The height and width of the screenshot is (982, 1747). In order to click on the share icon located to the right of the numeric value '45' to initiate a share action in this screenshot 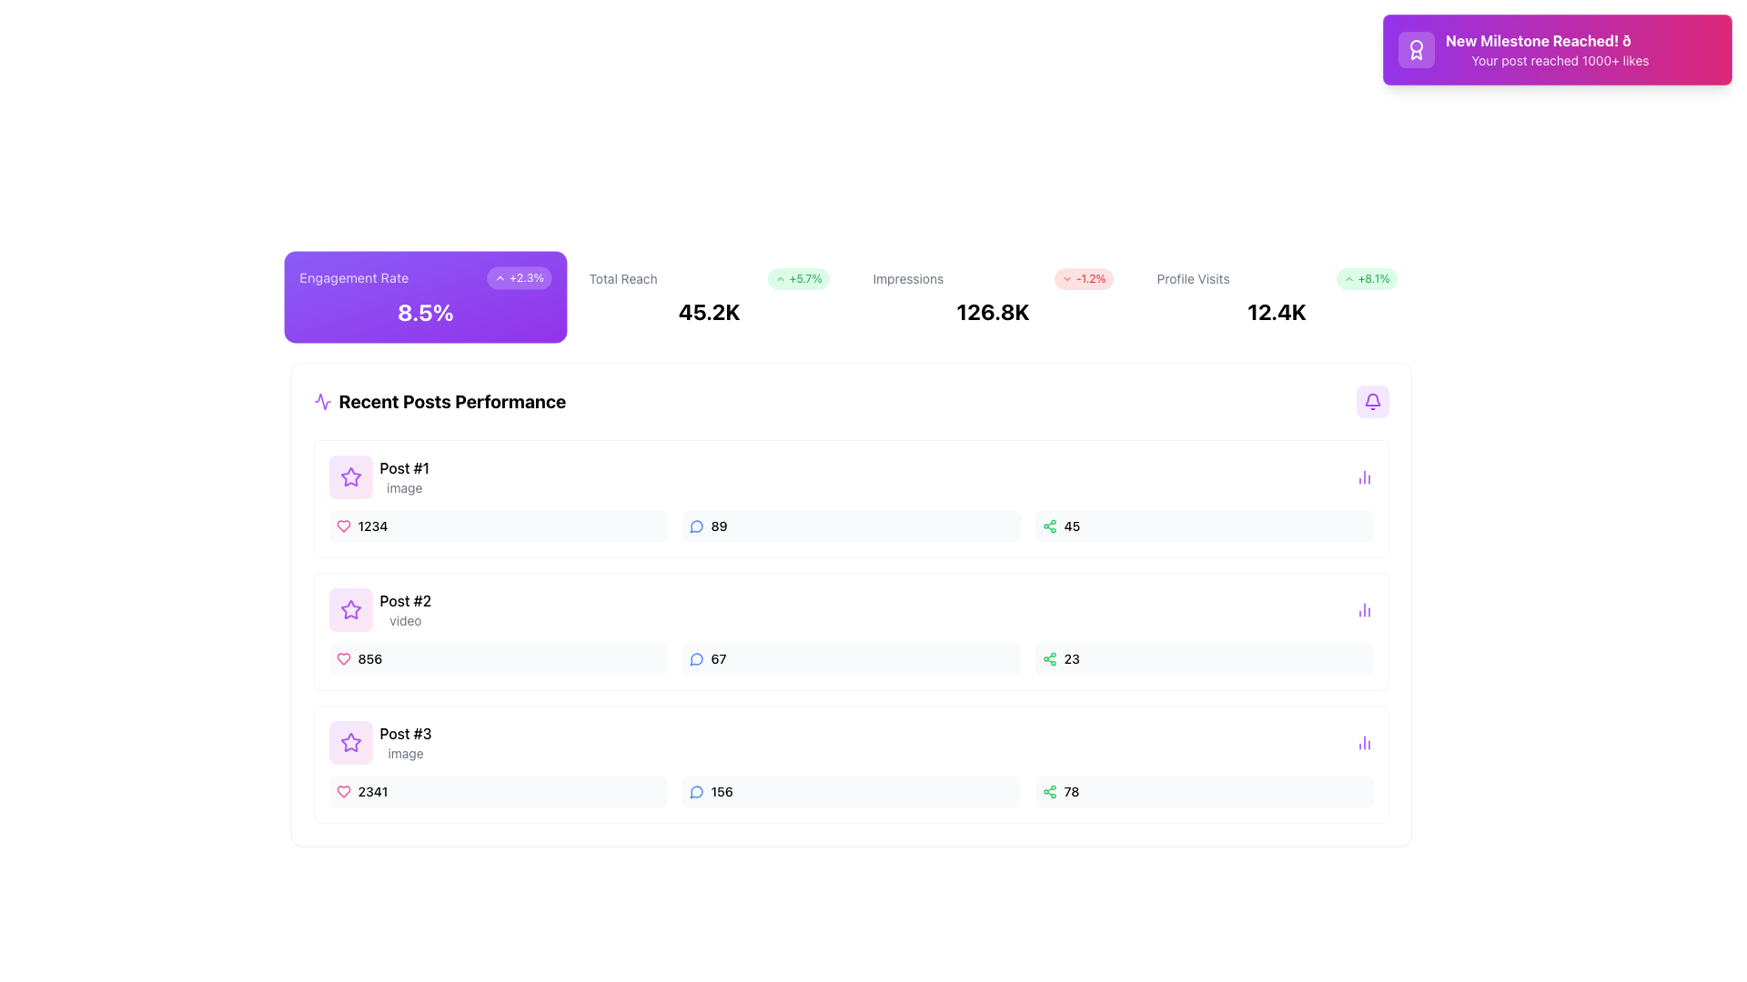, I will do `click(1049, 526)`.